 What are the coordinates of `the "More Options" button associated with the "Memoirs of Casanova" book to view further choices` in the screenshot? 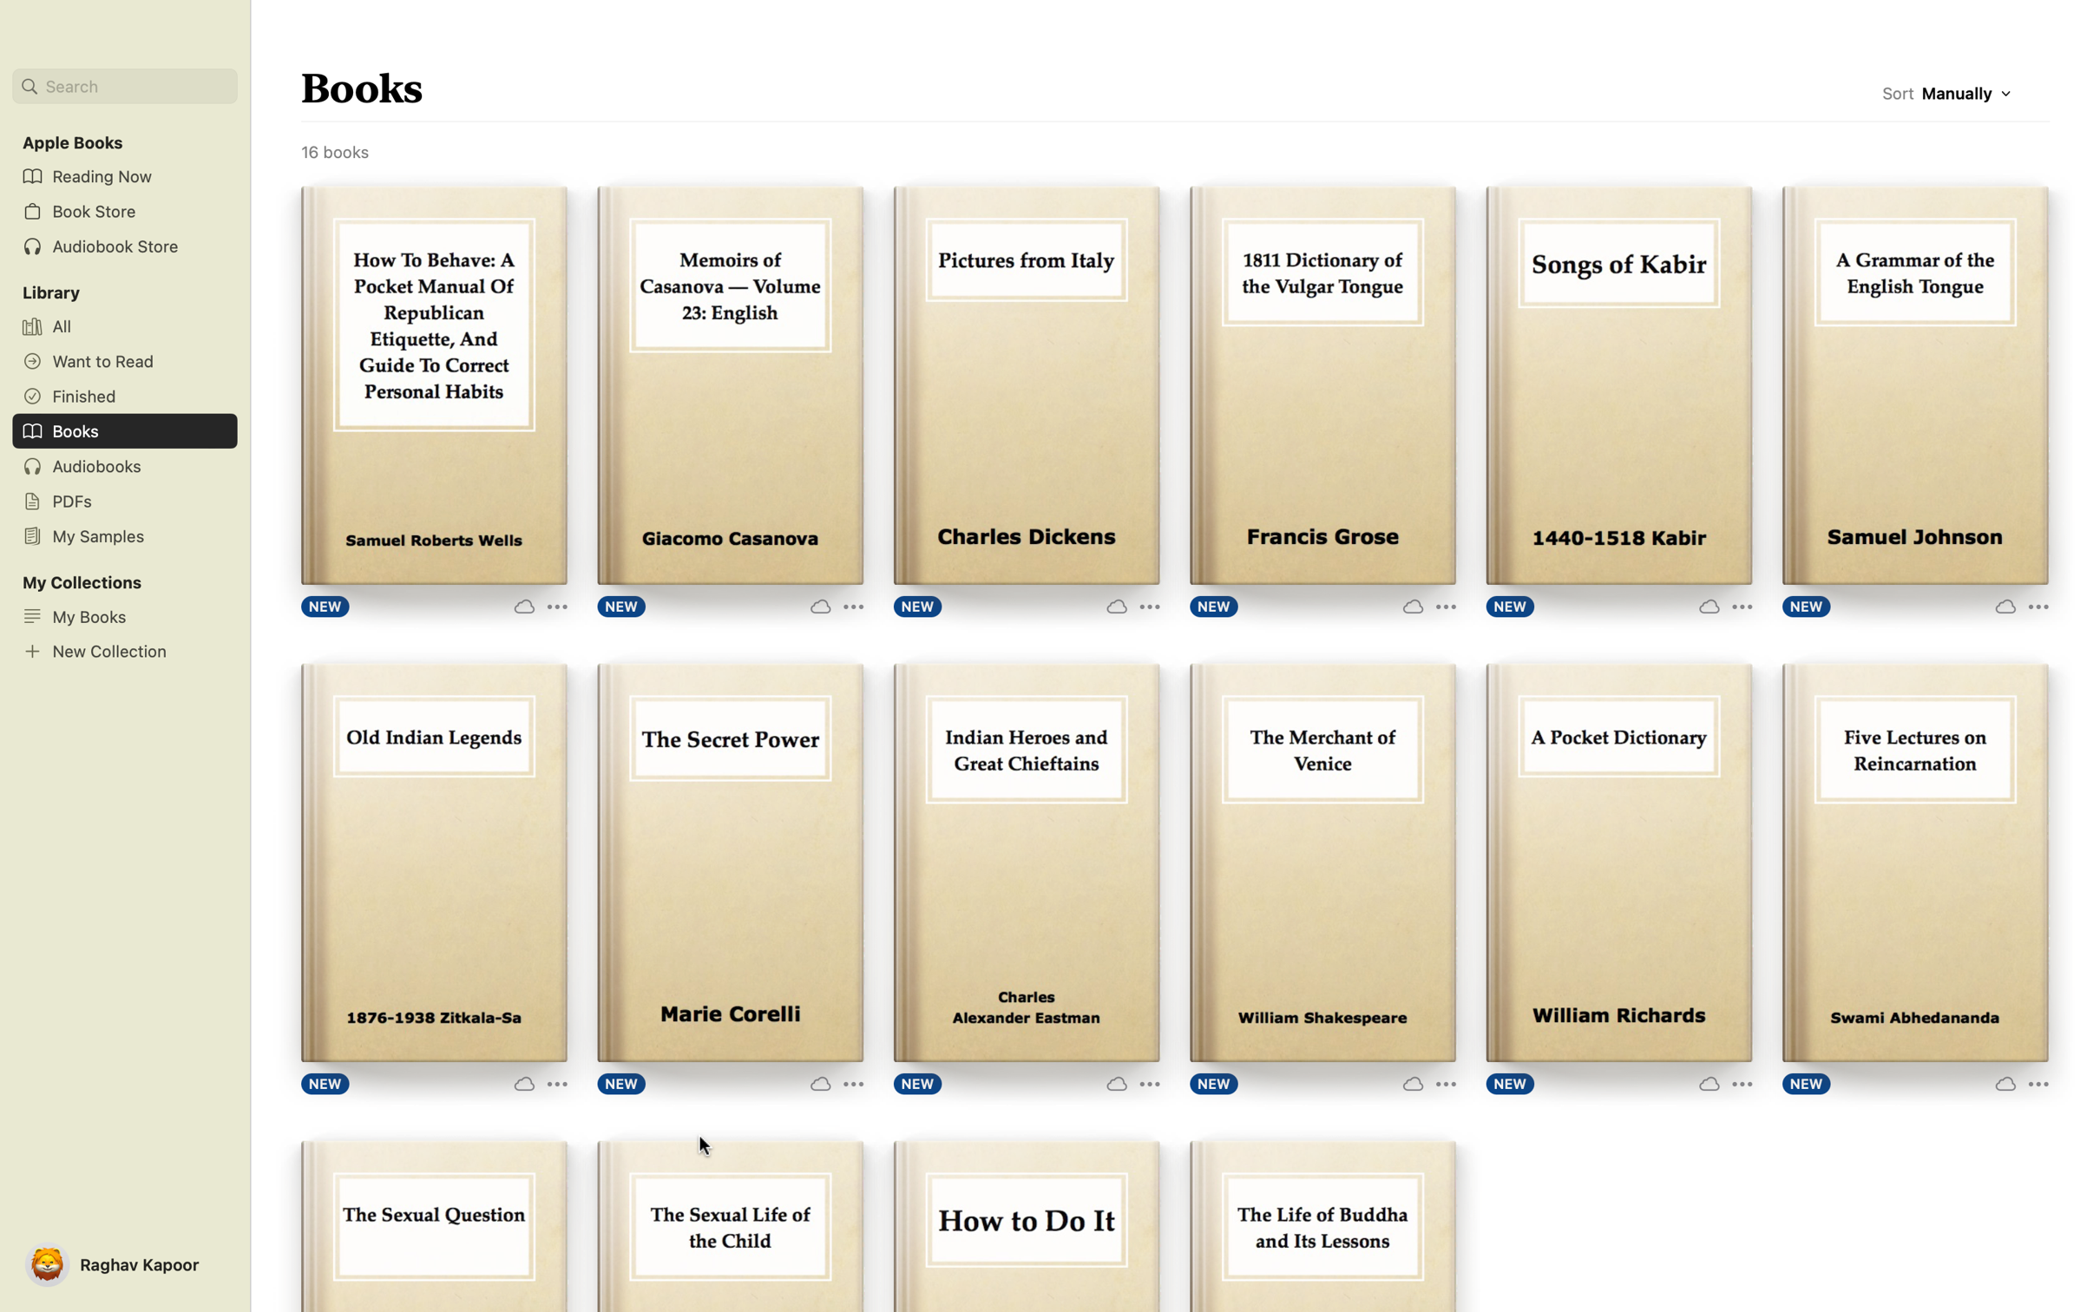 It's located at (830, 604).